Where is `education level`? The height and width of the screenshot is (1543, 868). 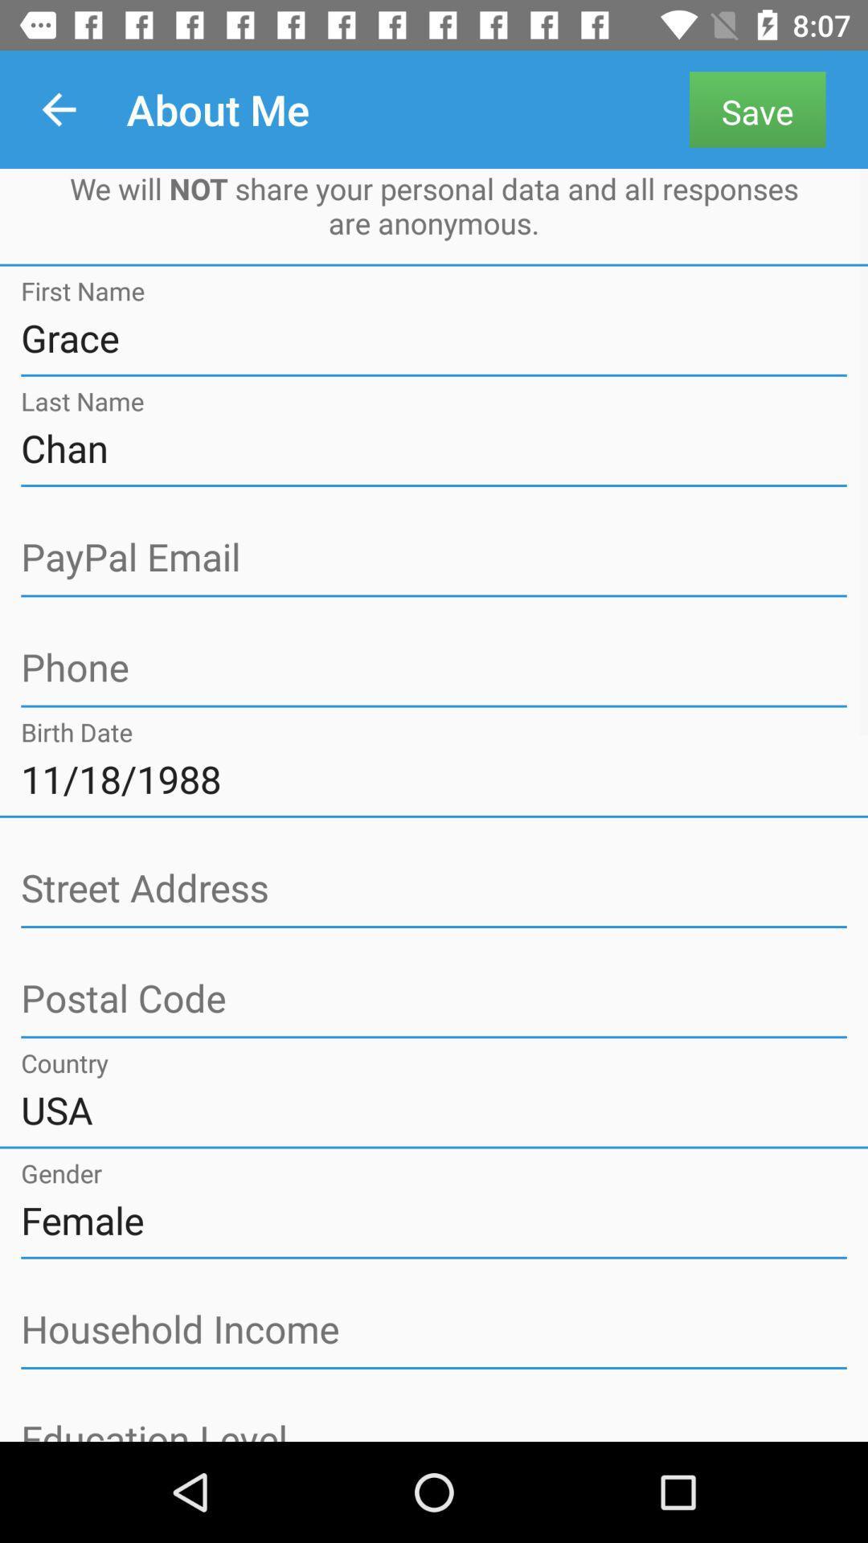 education level is located at coordinates (434, 1428).